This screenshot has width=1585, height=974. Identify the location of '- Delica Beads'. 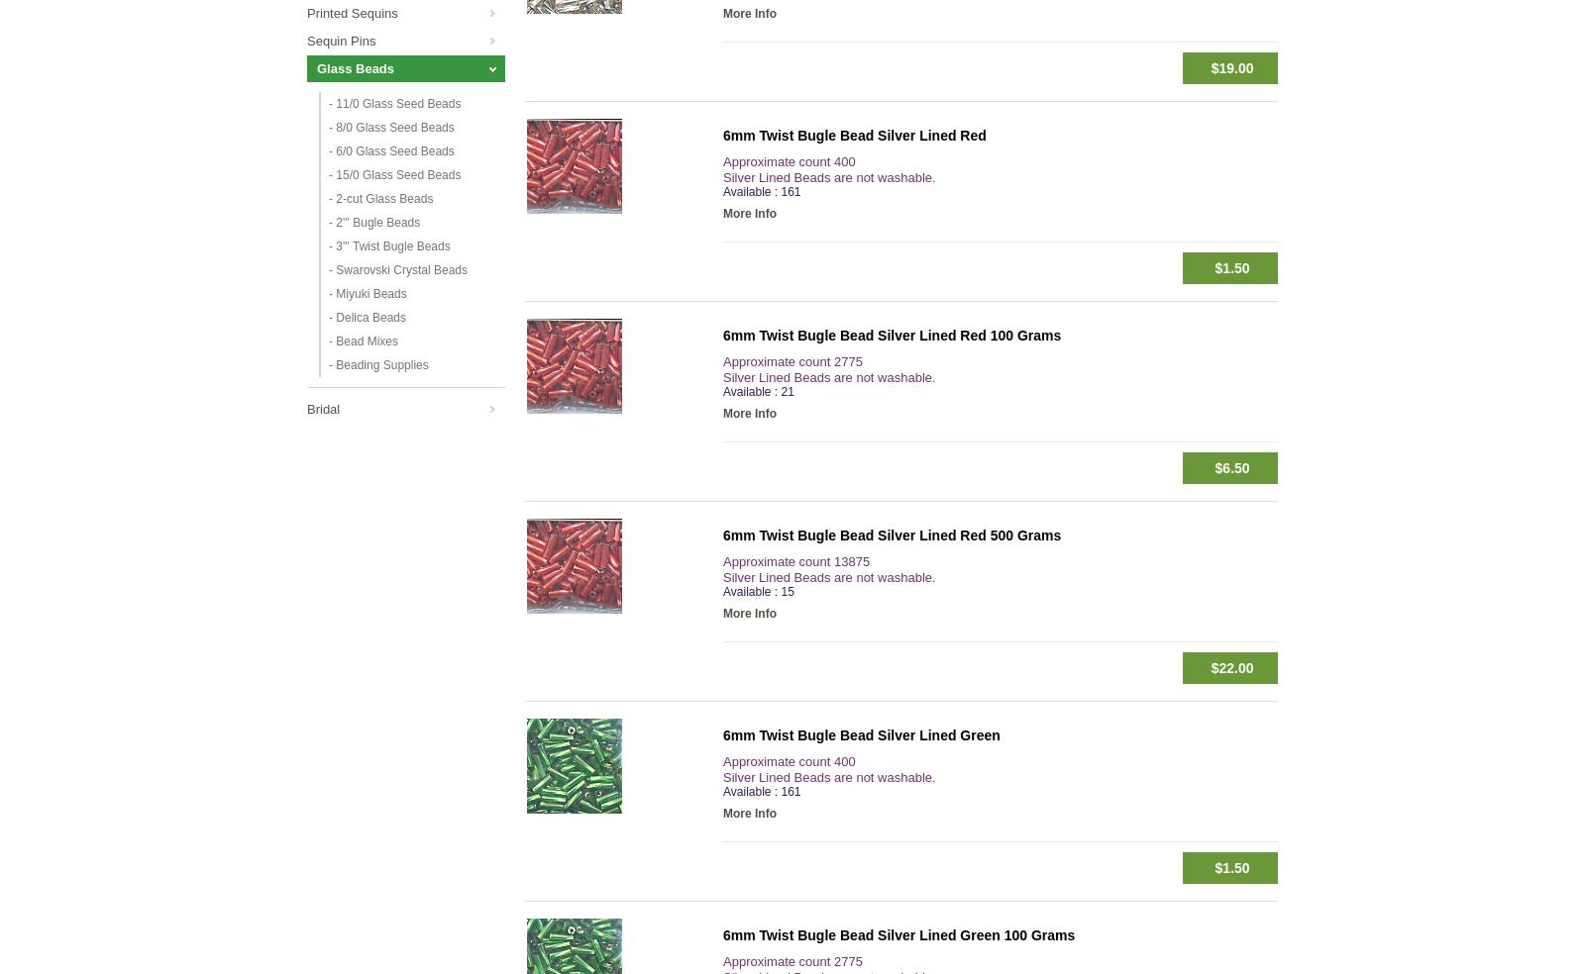
(368, 316).